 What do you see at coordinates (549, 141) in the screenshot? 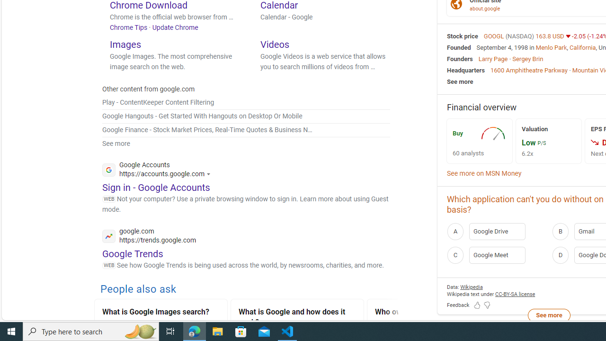
I see `'Valuation Low P/S 6.2x'` at bounding box center [549, 141].